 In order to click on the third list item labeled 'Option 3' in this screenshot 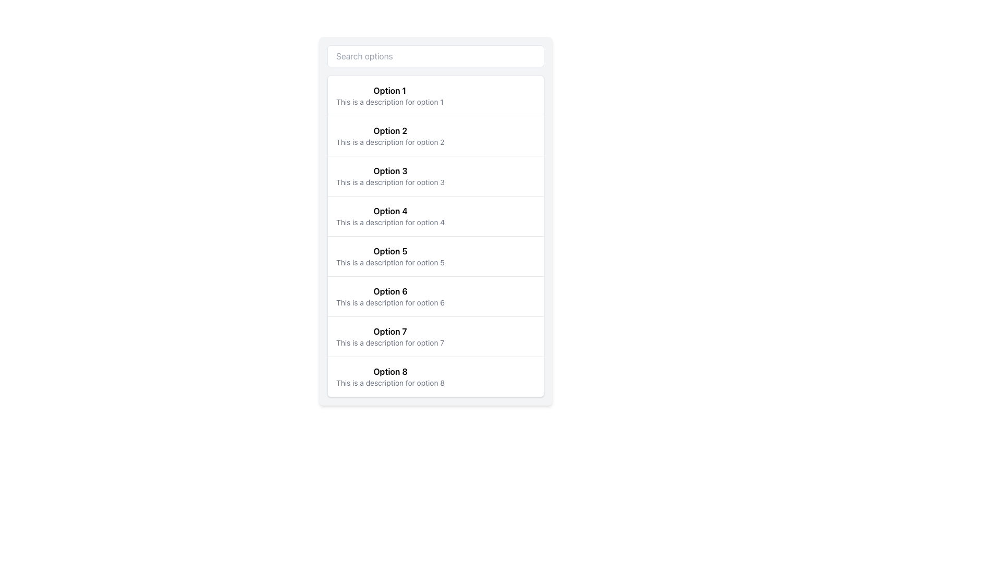, I will do `click(435, 175)`.